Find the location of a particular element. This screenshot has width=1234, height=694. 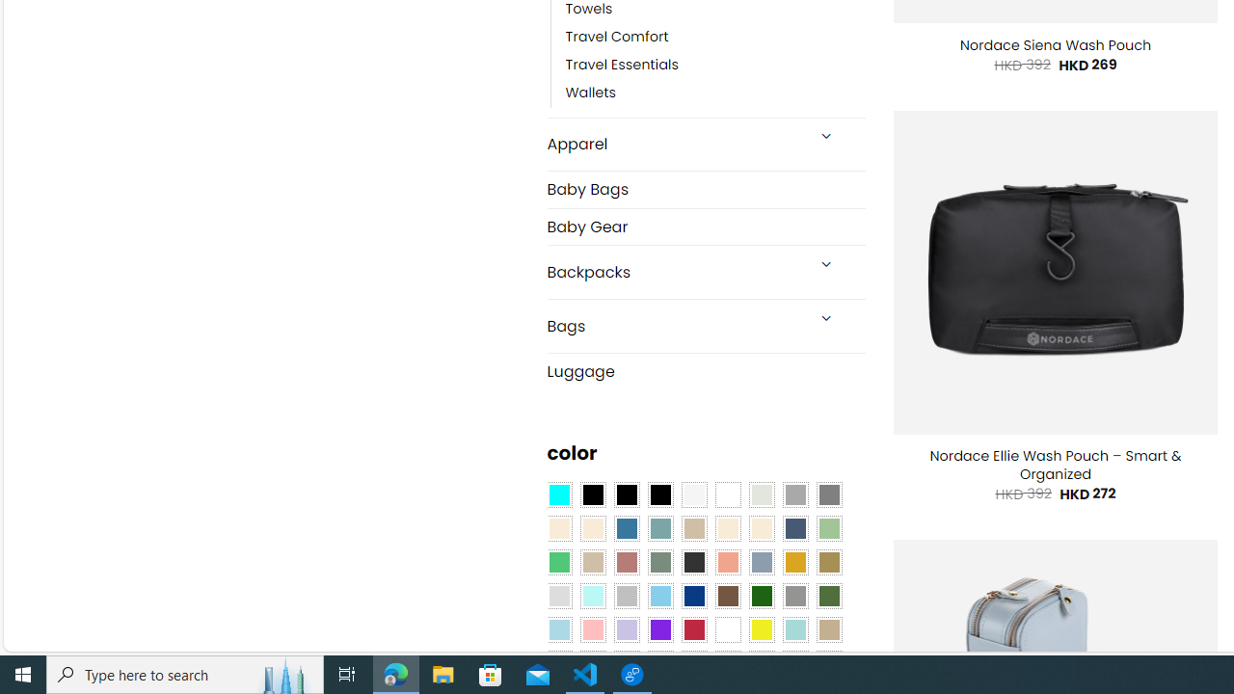

'Nordace Siena Wash Pouch' is located at coordinates (1055, 44).